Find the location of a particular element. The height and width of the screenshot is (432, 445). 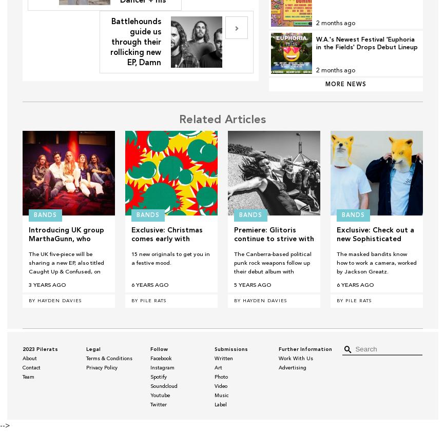

'2023 Pilerats' is located at coordinates (40, 349).